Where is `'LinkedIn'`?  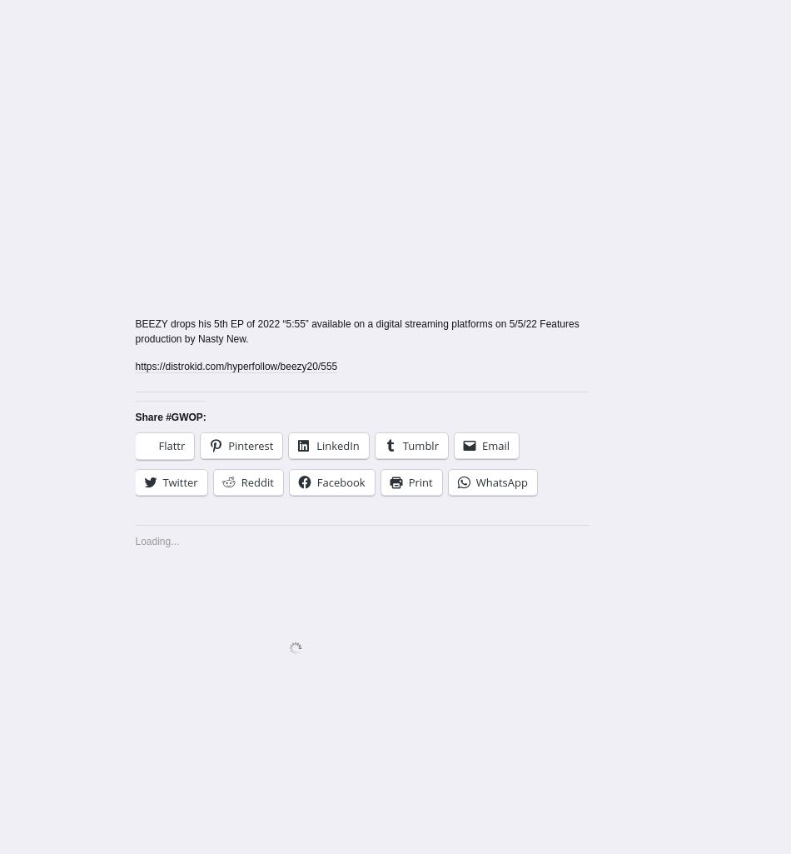
'LinkedIn' is located at coordinates (336, 445).